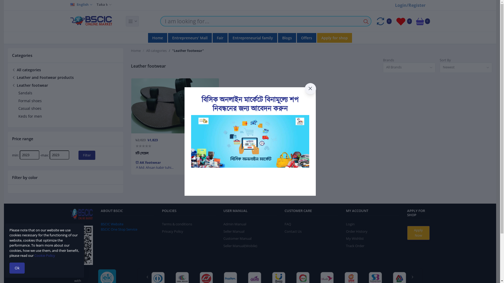 This screenshot has height=283, width=504. I want to click on 'Leather and Footwear products', so click(12, 77).